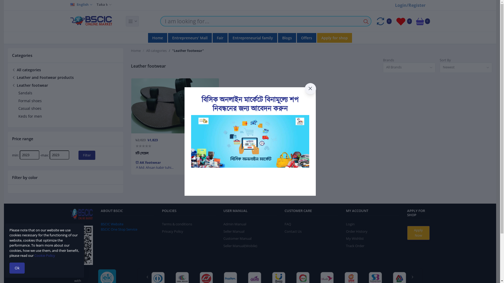 This screenshot has height=283, width=504. I want to click on 'Leather and Footwear products', so click(12, 77).